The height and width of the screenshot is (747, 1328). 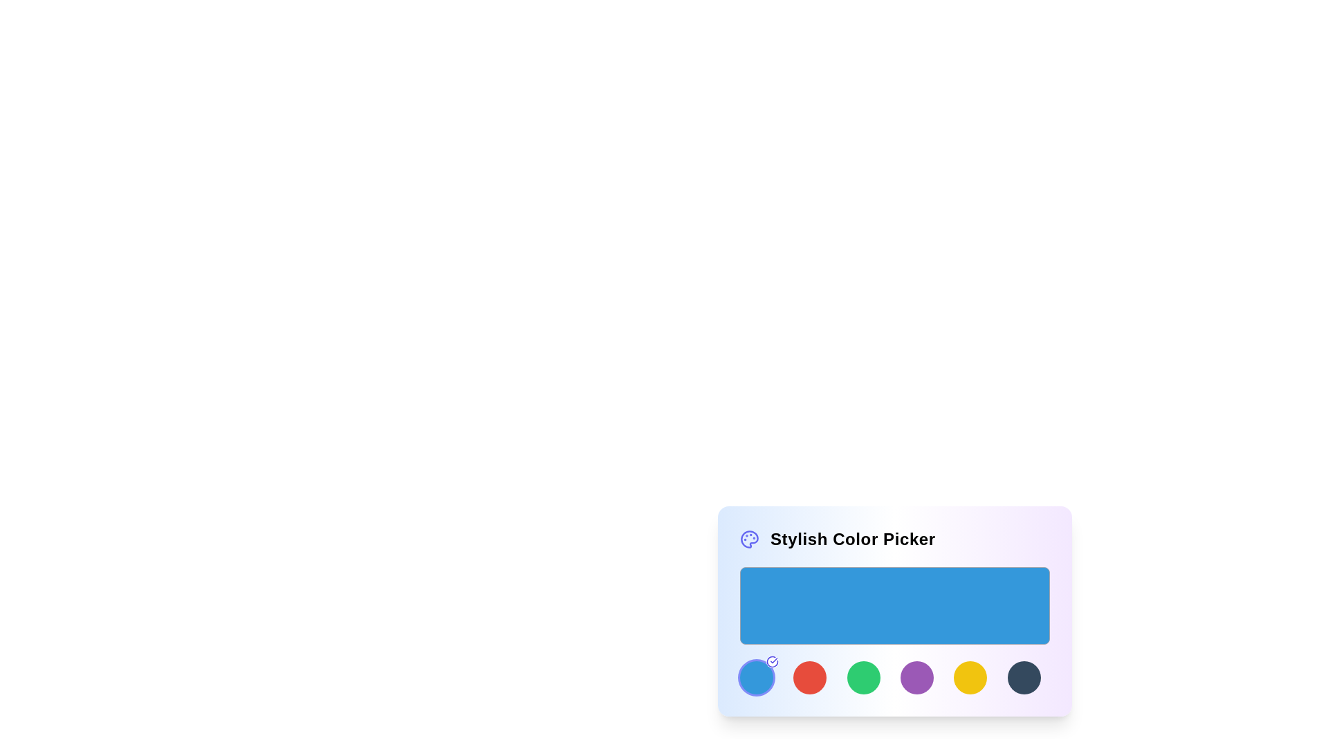 I want to click on the sixth circular color selection button to trigger the scale effect, so click(x=1024, y=676).